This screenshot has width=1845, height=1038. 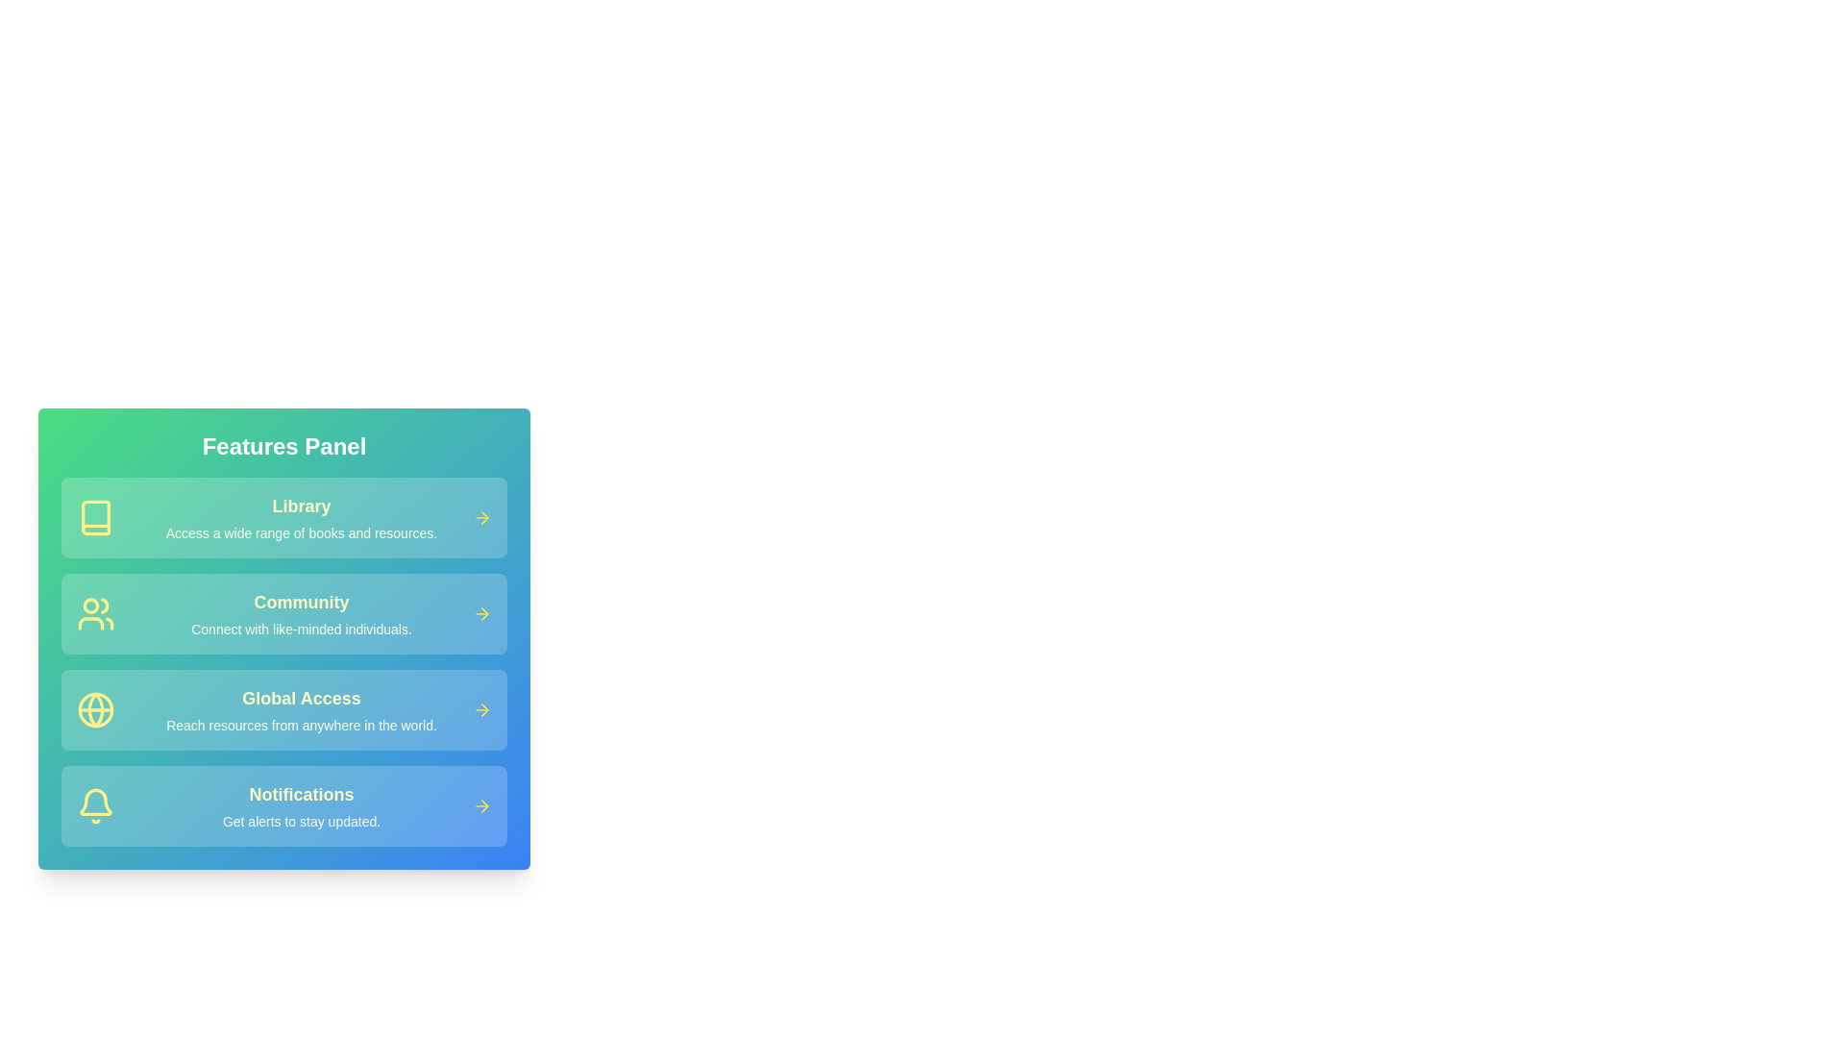 What do you see at coordinates (283, 614) in the screenshot?
I see `the feature card for Community` at bounding box center [283, 614].